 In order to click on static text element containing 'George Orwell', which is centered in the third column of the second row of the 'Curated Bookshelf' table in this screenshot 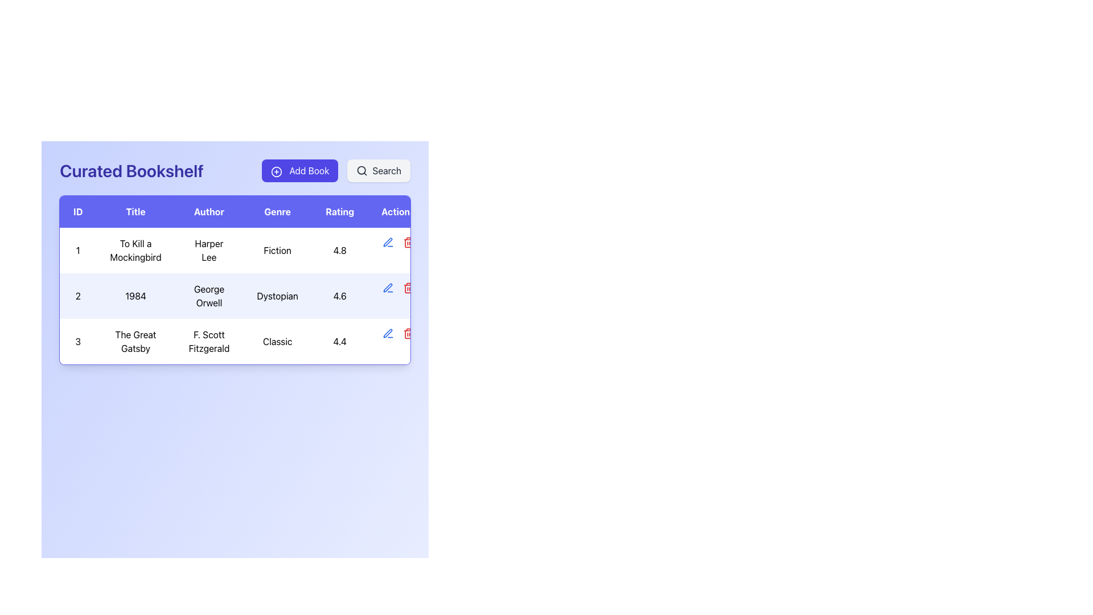, I will do `click(209, 296)`.